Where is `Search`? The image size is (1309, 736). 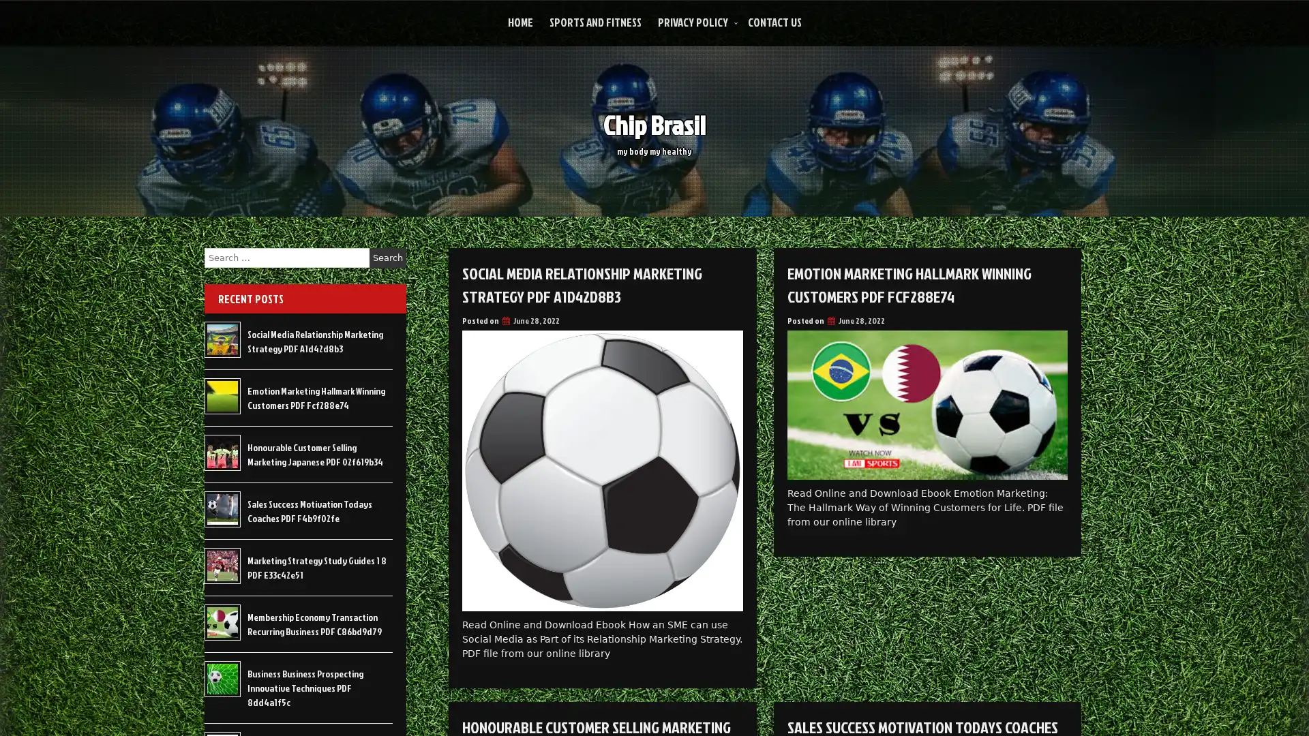 Search is located at coordinates (387, 258).